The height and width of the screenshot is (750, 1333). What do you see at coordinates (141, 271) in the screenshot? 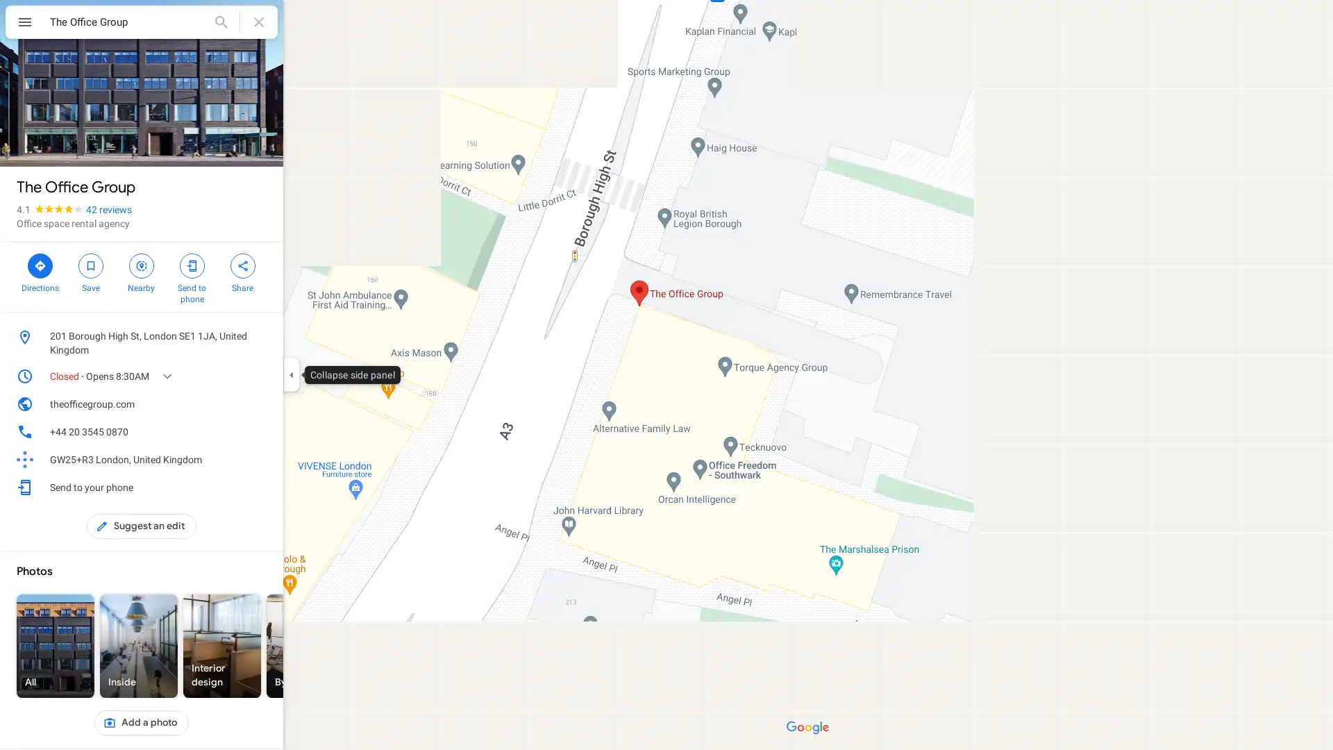
I see `Search nearby The Office Group` at bounding box center [141, 271].